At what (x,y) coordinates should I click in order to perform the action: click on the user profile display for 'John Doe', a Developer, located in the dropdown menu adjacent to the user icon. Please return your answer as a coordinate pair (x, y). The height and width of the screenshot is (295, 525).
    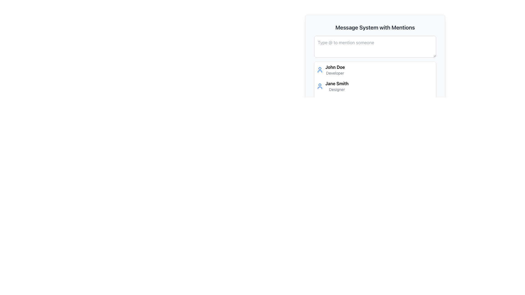
    Looking at the image, I should click on (335, 69).